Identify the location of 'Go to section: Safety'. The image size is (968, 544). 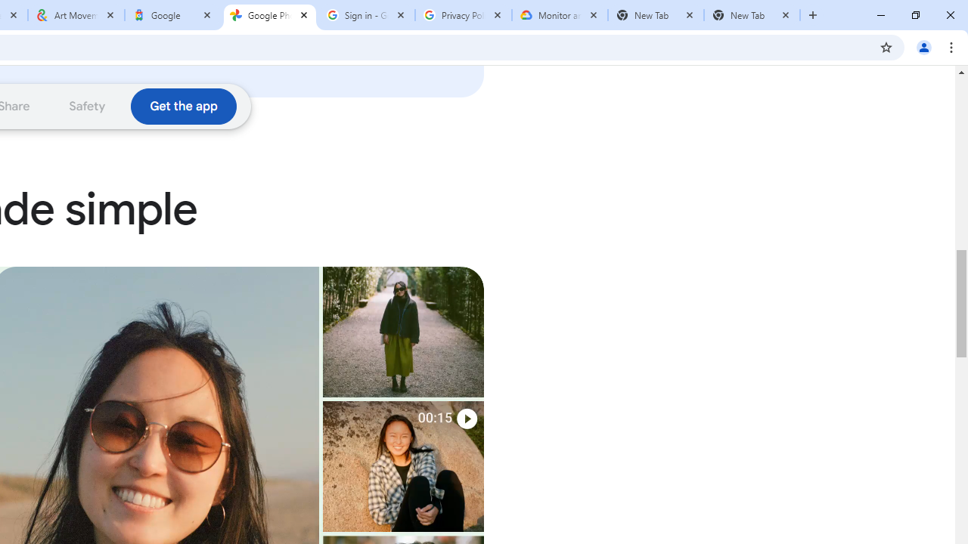
(86, 105).